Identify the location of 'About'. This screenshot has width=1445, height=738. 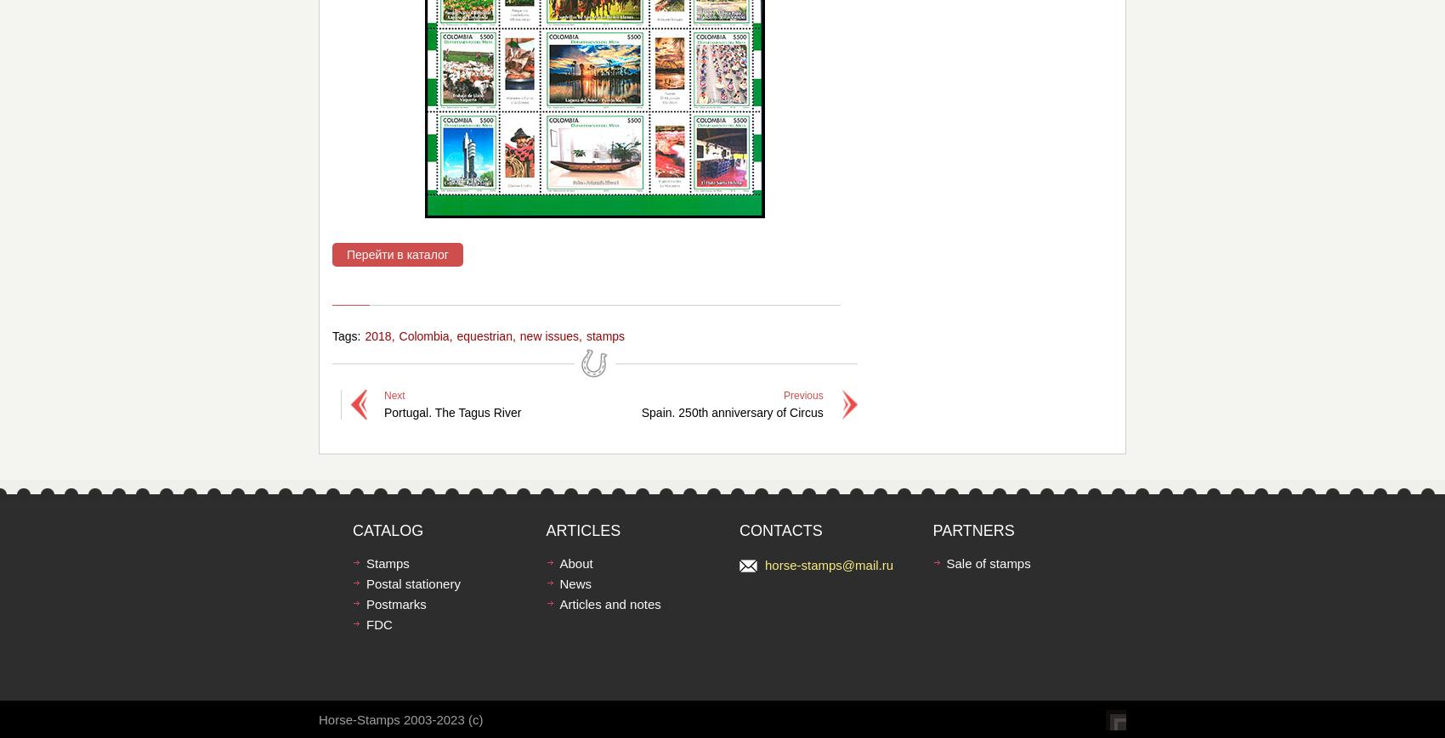
(559, 563).